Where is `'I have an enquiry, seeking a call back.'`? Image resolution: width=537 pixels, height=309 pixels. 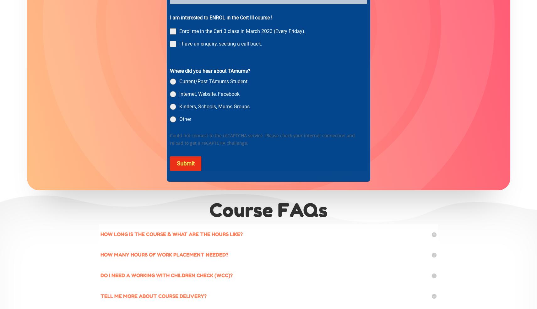
'I have an enquiry, seeking a call back.' is located at coordinates (220, 44).